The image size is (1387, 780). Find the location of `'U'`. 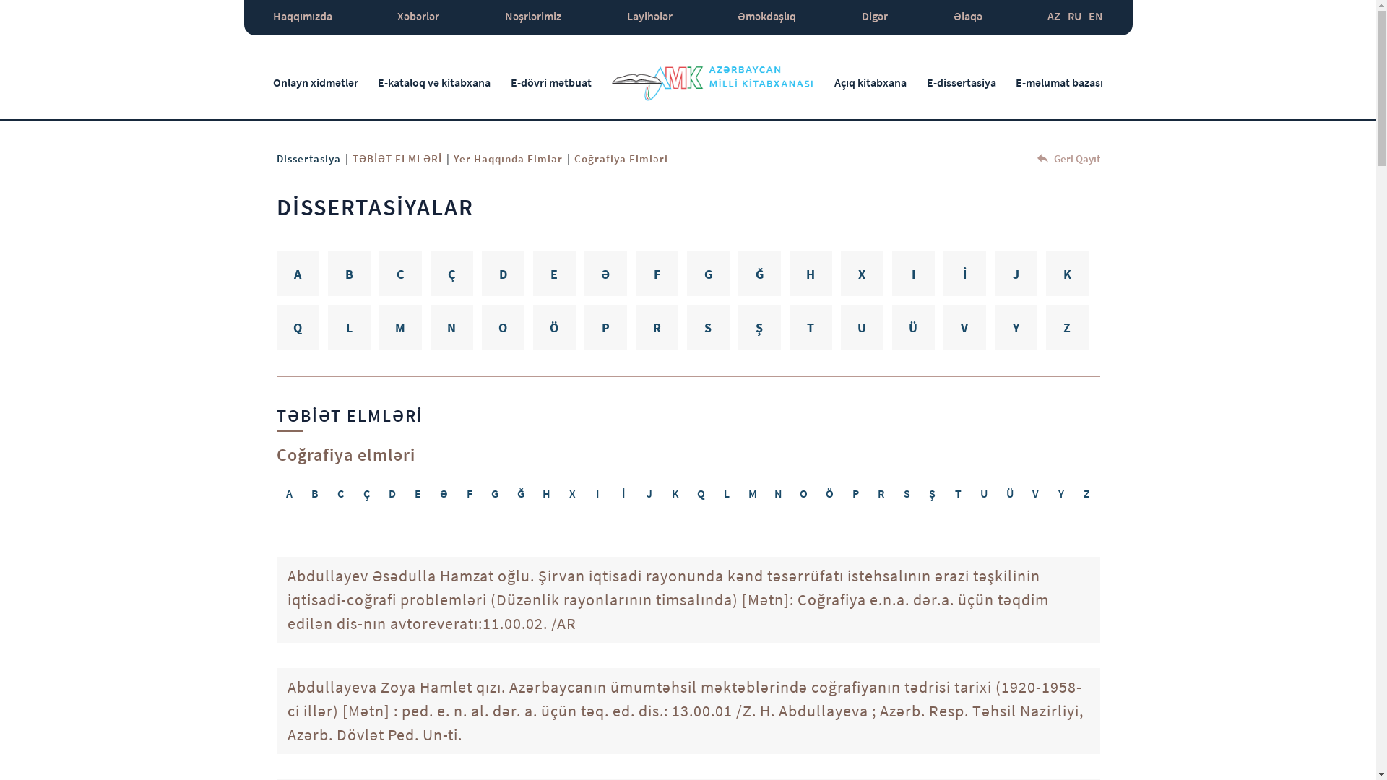

'U' is located at coordinates (862, 326).